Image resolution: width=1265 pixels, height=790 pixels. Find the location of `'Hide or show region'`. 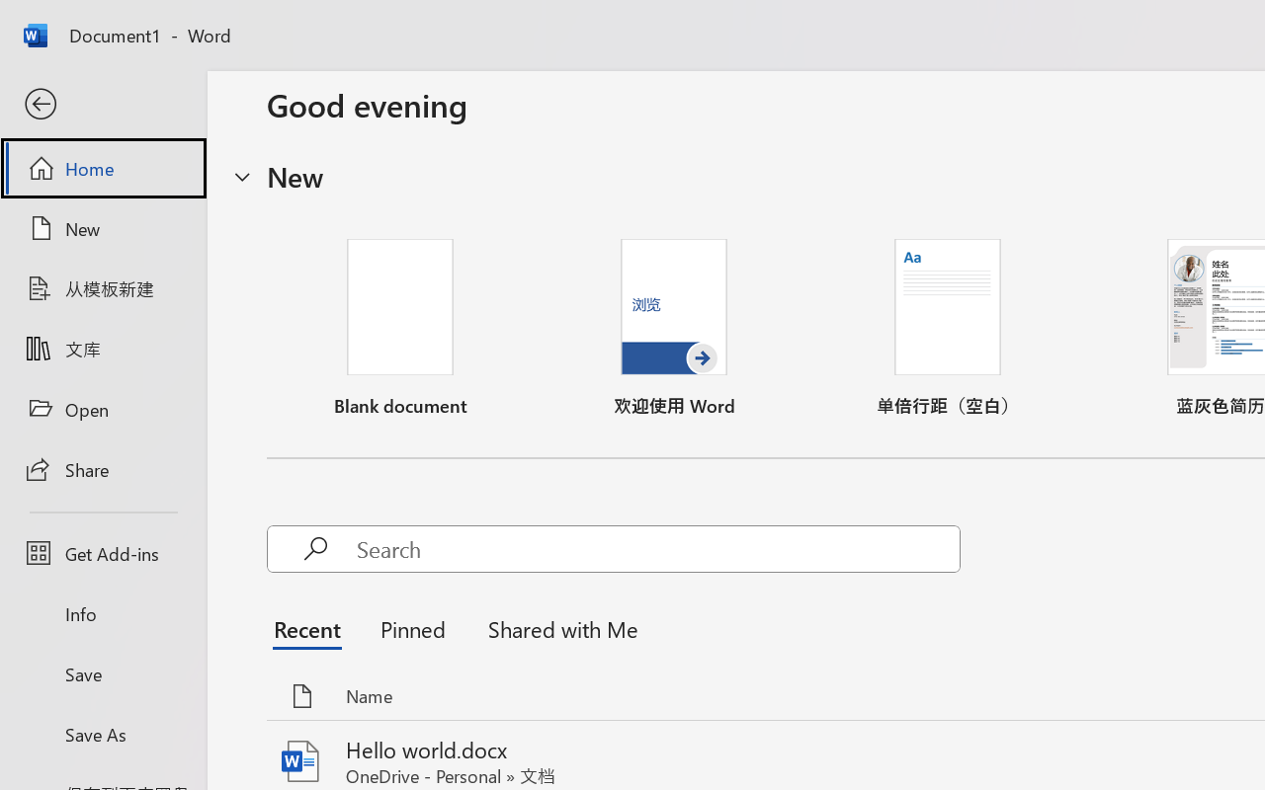

'Hide or show region' is located at coordinates (241, 175).